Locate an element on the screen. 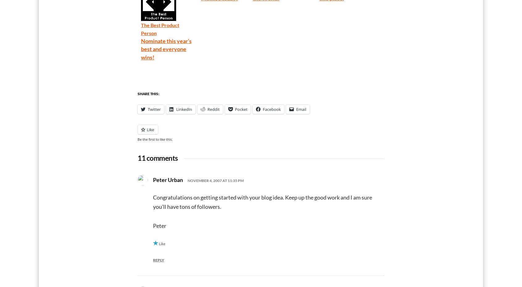  'Like' is located at coordinates (162, 244).